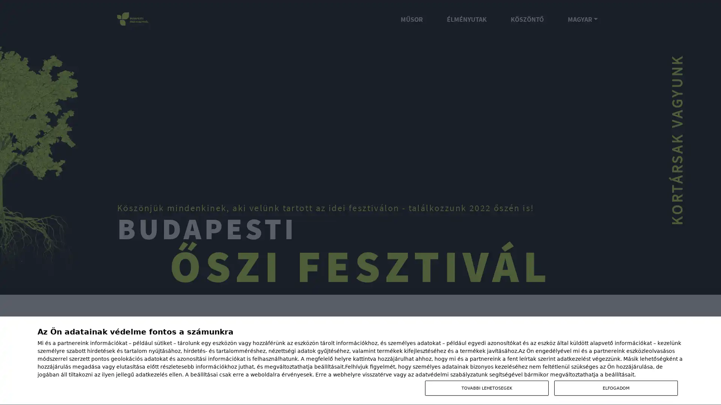 This screenshot has height=405, width=721. What do you see at coordinates (616, 388) in the screenshot?
I see `ELFOGADOM` at bounding box center [616, 388].